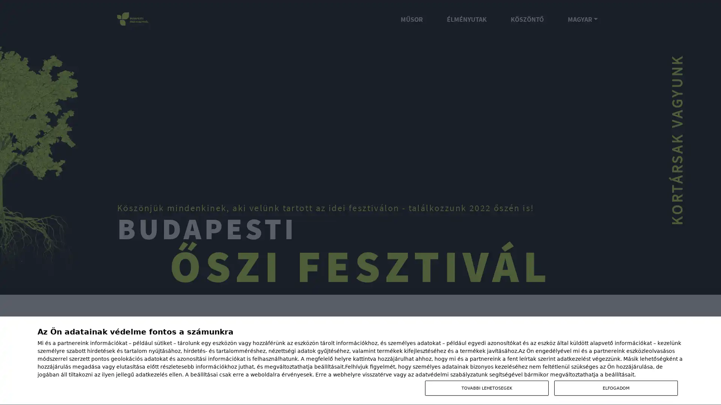 This screenshot has height=405, width=721. What do you see at coordinates (616, 388) in the screenshot?
I see `ELFOGADOM` at bounding box center [616, 388].